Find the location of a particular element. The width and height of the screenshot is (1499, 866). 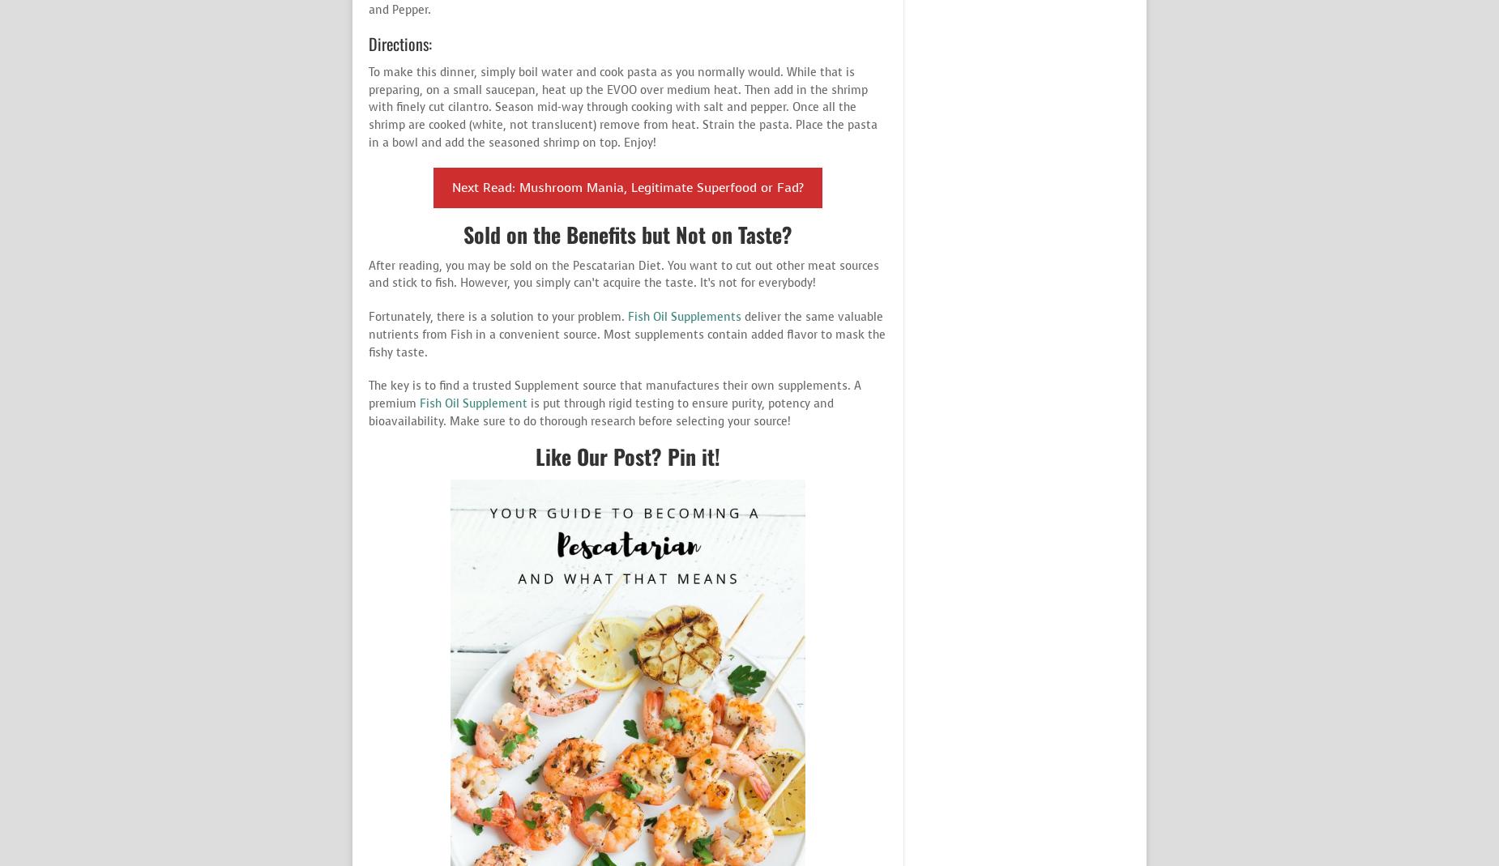

'Like Our Post? Pin it!' is located at coordinates (536, 456).